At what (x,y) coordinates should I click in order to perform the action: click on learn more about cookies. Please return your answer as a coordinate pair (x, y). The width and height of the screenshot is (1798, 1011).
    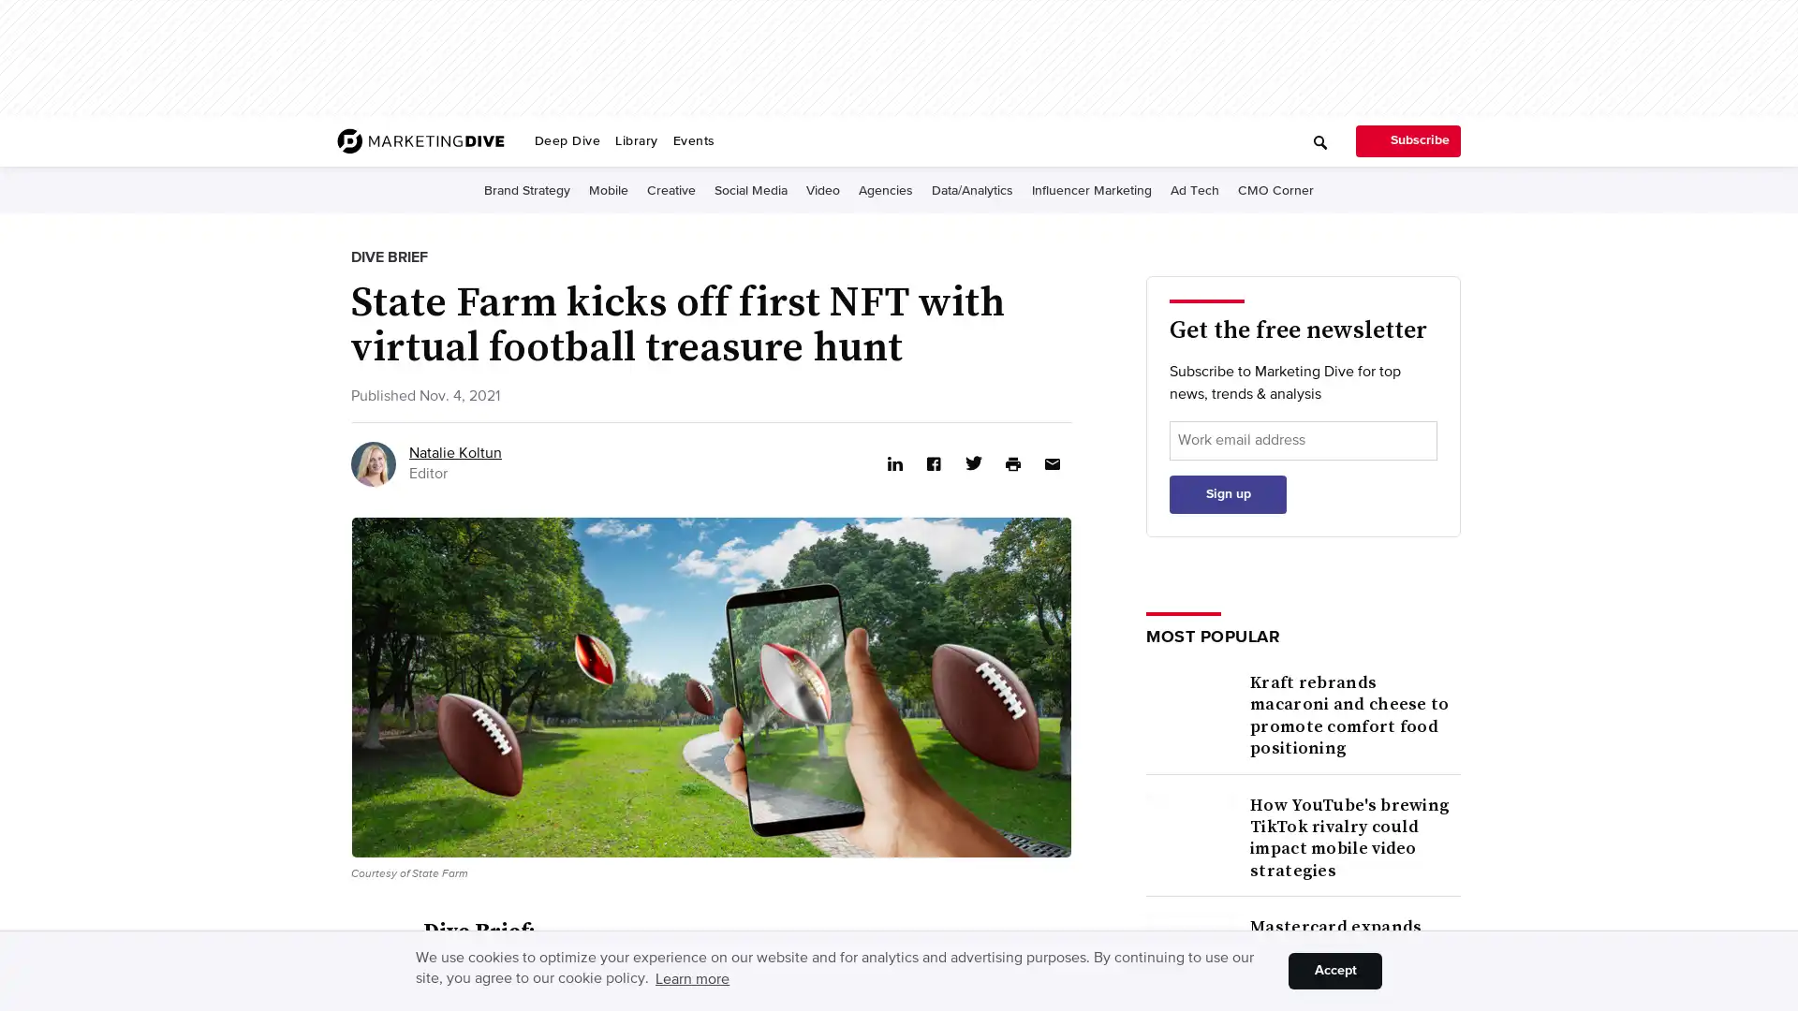
    Looking at the image, I should click on (691, 978).